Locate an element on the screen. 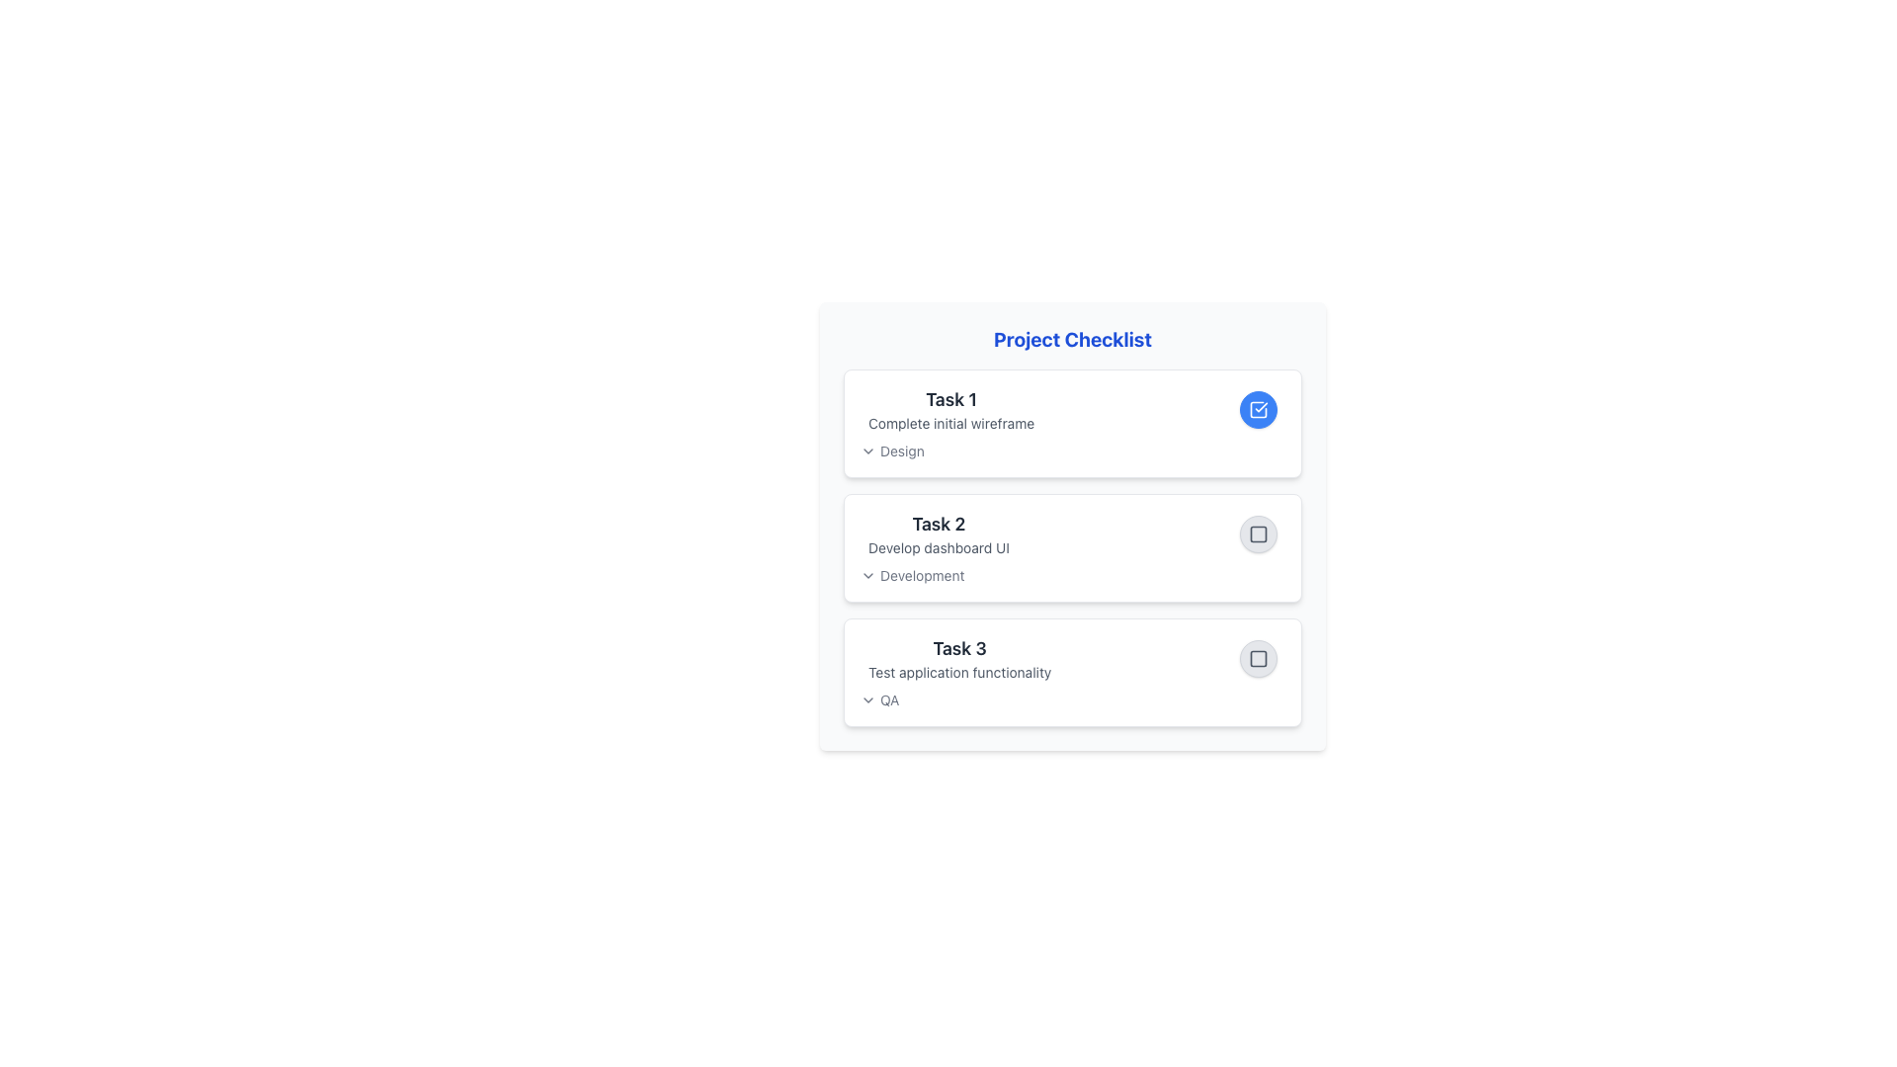 The width and height of the screenshot is (1897, 1067). the blue outlined geometric shape resembling a partial rectangle or rounded square, located near the top-right of the first list item in the vertical task list is located at coordinates (1257, 409).